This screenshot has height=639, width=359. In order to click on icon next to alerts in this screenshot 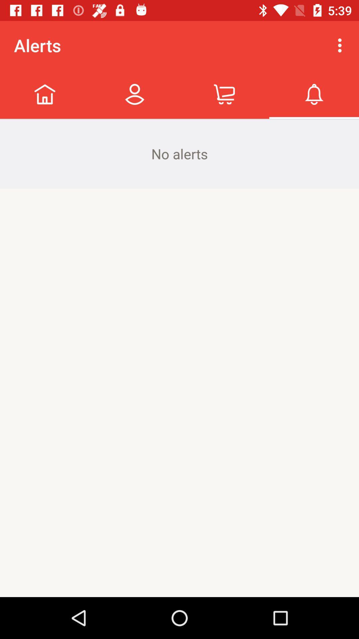, I will do `click(341, 45)`.